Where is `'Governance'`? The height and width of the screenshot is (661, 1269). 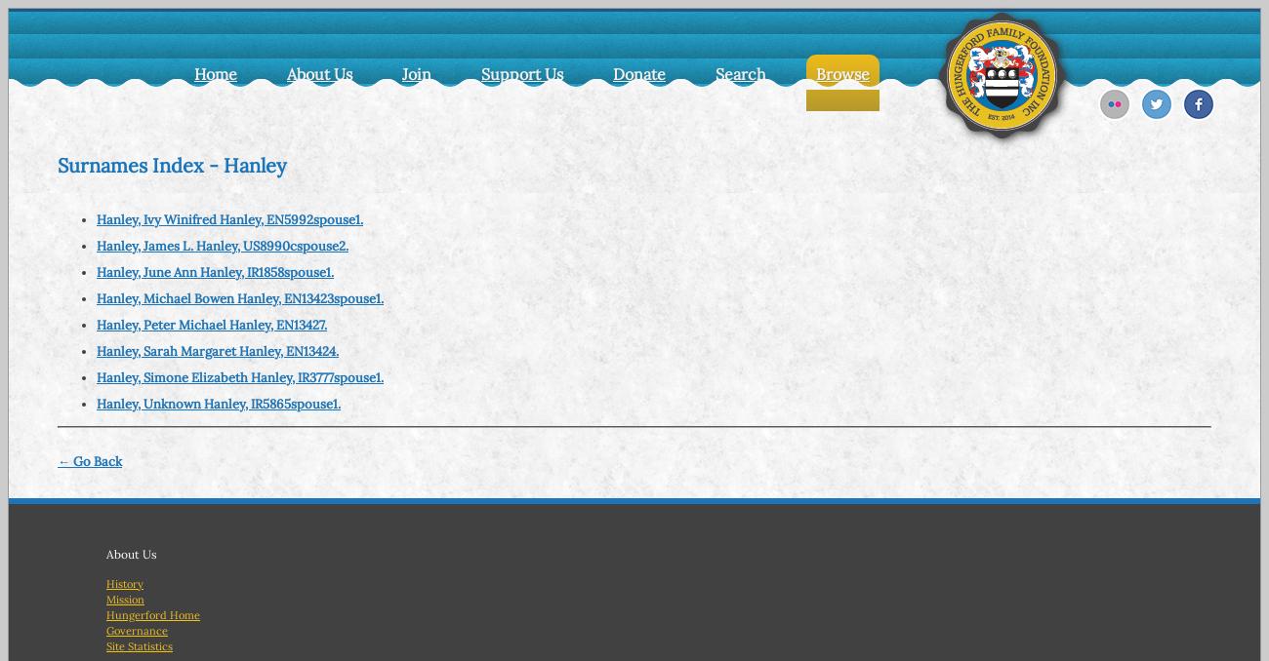
'Governance' is located at coordinates (105, 629).